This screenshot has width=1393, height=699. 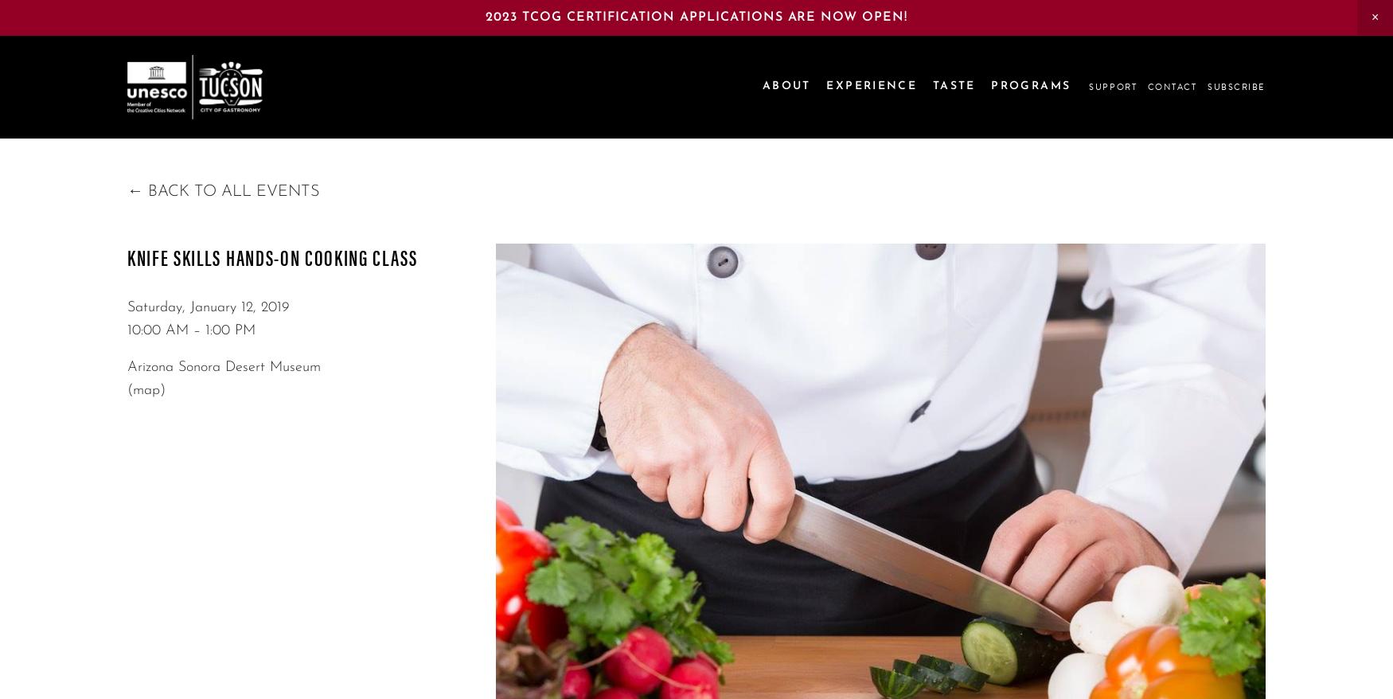 What do you see at coordinates (126, 330) in the screenshot?
I see `'10:00 AM'` at bounding box center [126, 330].